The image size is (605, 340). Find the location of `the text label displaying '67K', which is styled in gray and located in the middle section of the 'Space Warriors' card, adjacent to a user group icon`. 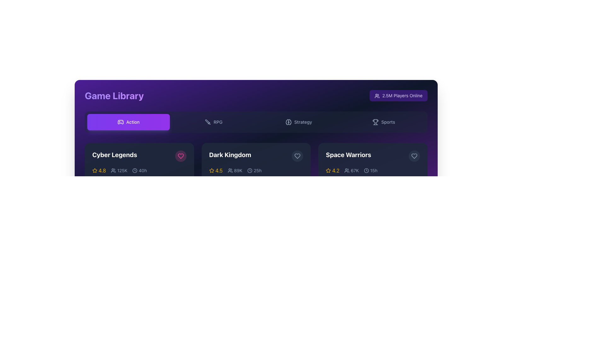

the text label displaying '67K', which is styled in gray and located in the middle section of the 'Space Warriors' card, adjacent to a user group icon is located at coordinates (355, 171).